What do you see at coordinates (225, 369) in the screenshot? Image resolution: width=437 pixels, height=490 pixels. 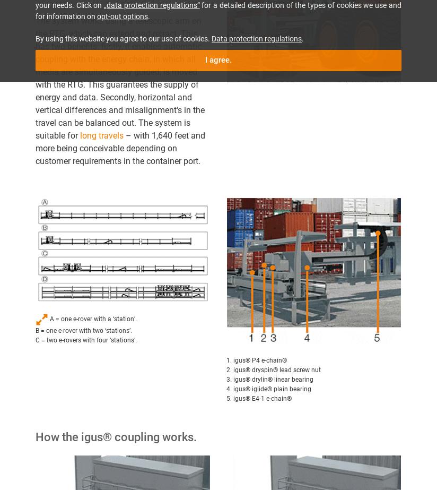 I see `'2. igus® dryspin® lead screw nut'` at bounding box center [225, 369].